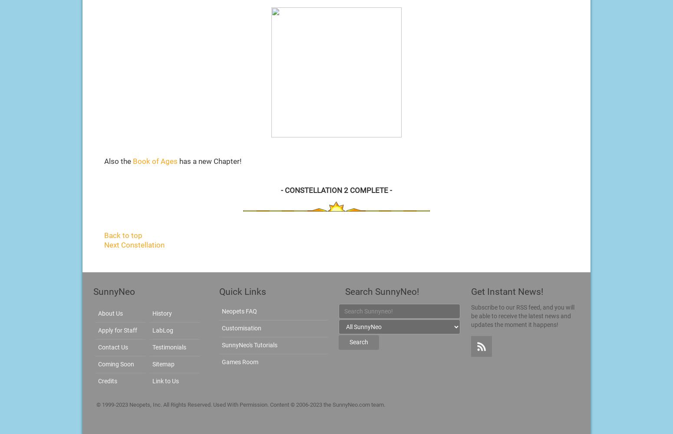  What do you see at coordinates (240, 362) in the screenshot?
I see `'Games Room'` at bounding box center [240, 362].